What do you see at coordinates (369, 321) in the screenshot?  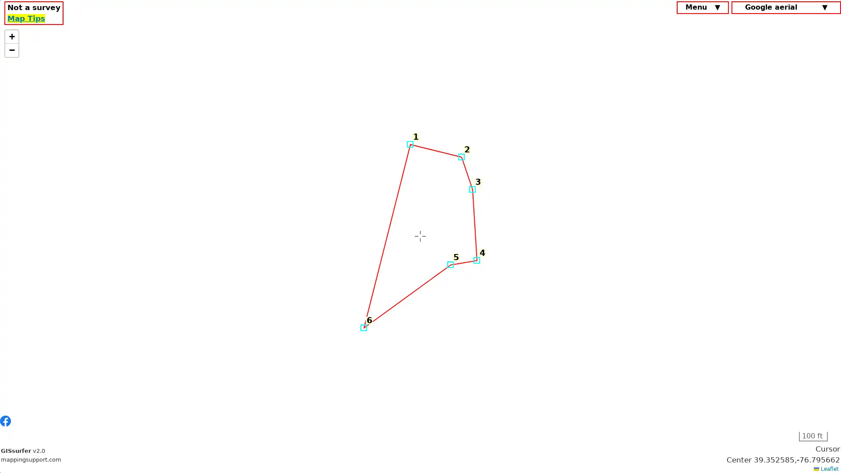 I see `6` at bounding box center [369, 321].